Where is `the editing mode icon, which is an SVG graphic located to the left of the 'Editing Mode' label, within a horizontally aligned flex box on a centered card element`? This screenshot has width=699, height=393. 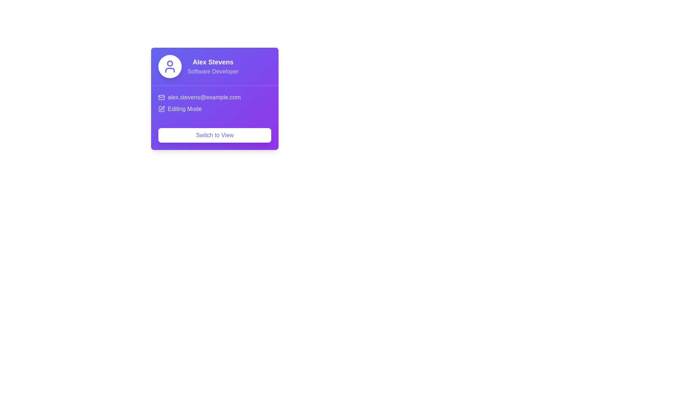 the editing mode icon, which is an SVG graphic located to the left of the 'Editing Mode' label, within a horizontally aligned flex box on a centered card element is located at coordinates (161, 109).